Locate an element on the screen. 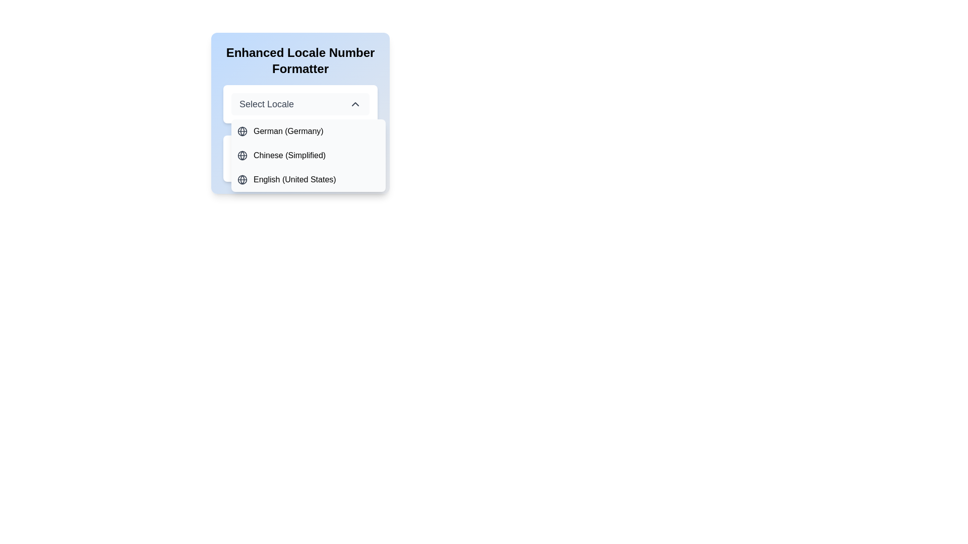 This screenshot has width=968, height=544. the second option 'Chinese (Simplified)' in the dropdown menu that appears below the 'Select Locale' button is located at coordinates (308, 155).